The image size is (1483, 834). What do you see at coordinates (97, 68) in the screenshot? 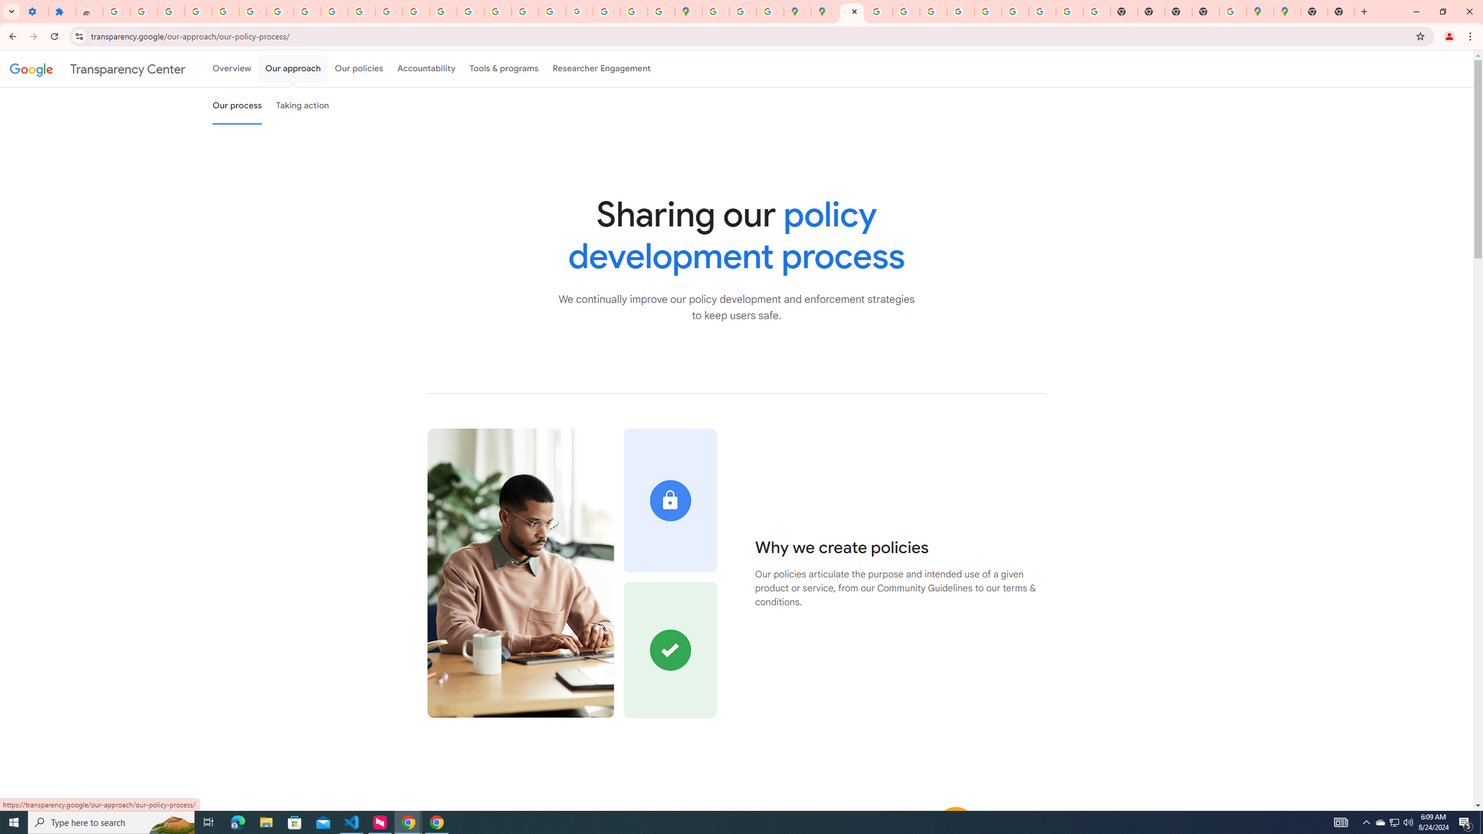
I see `'Transparency Center'` at bounding box center [97, 68].